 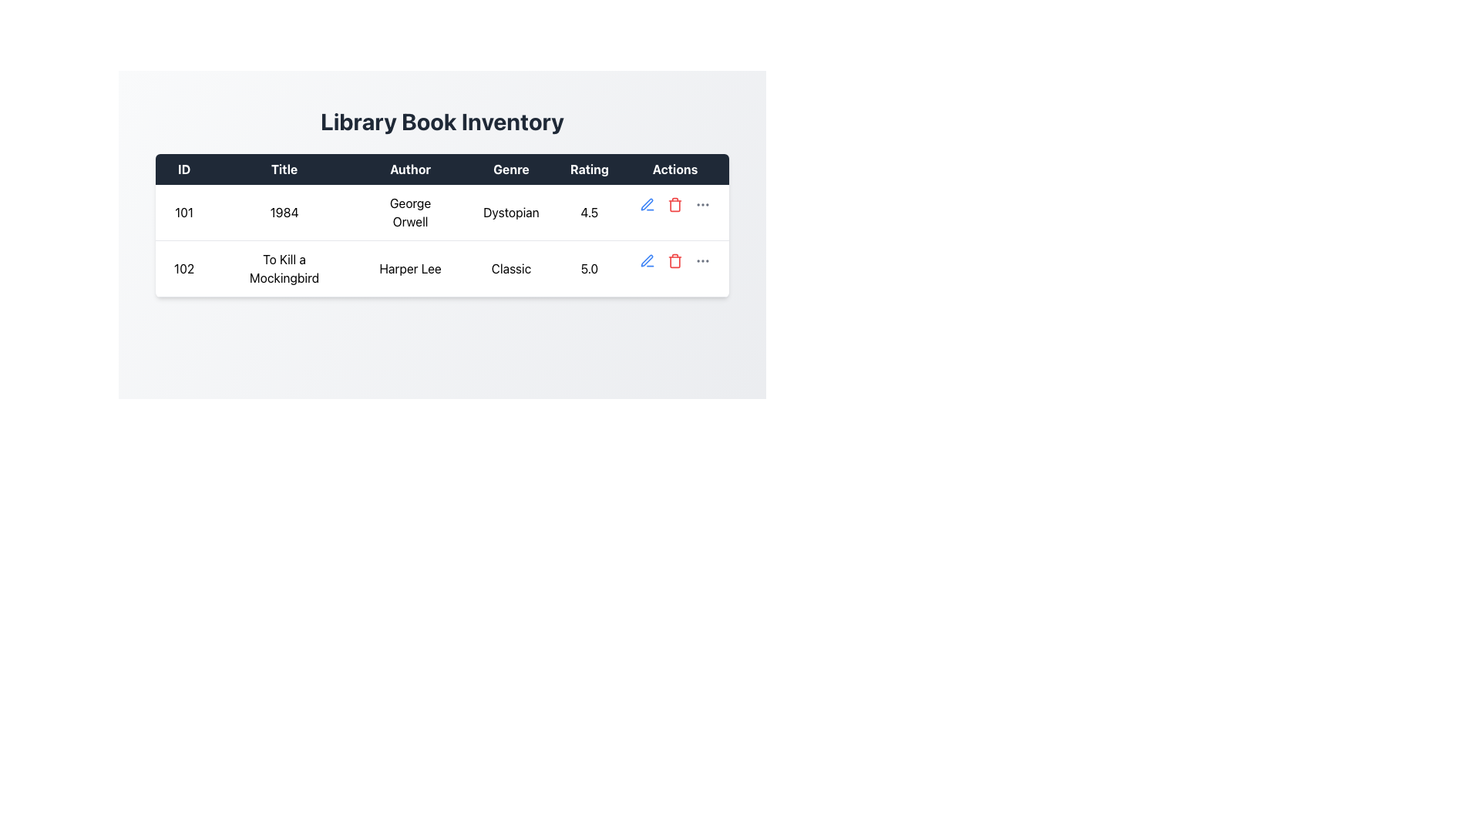 What do you see at coordinates (647, 260) in the screenshot?
I see `the small pen icon button located in the second row of the table's 'Actions' column to initiate the edit action` at bounding box center [647, 260].